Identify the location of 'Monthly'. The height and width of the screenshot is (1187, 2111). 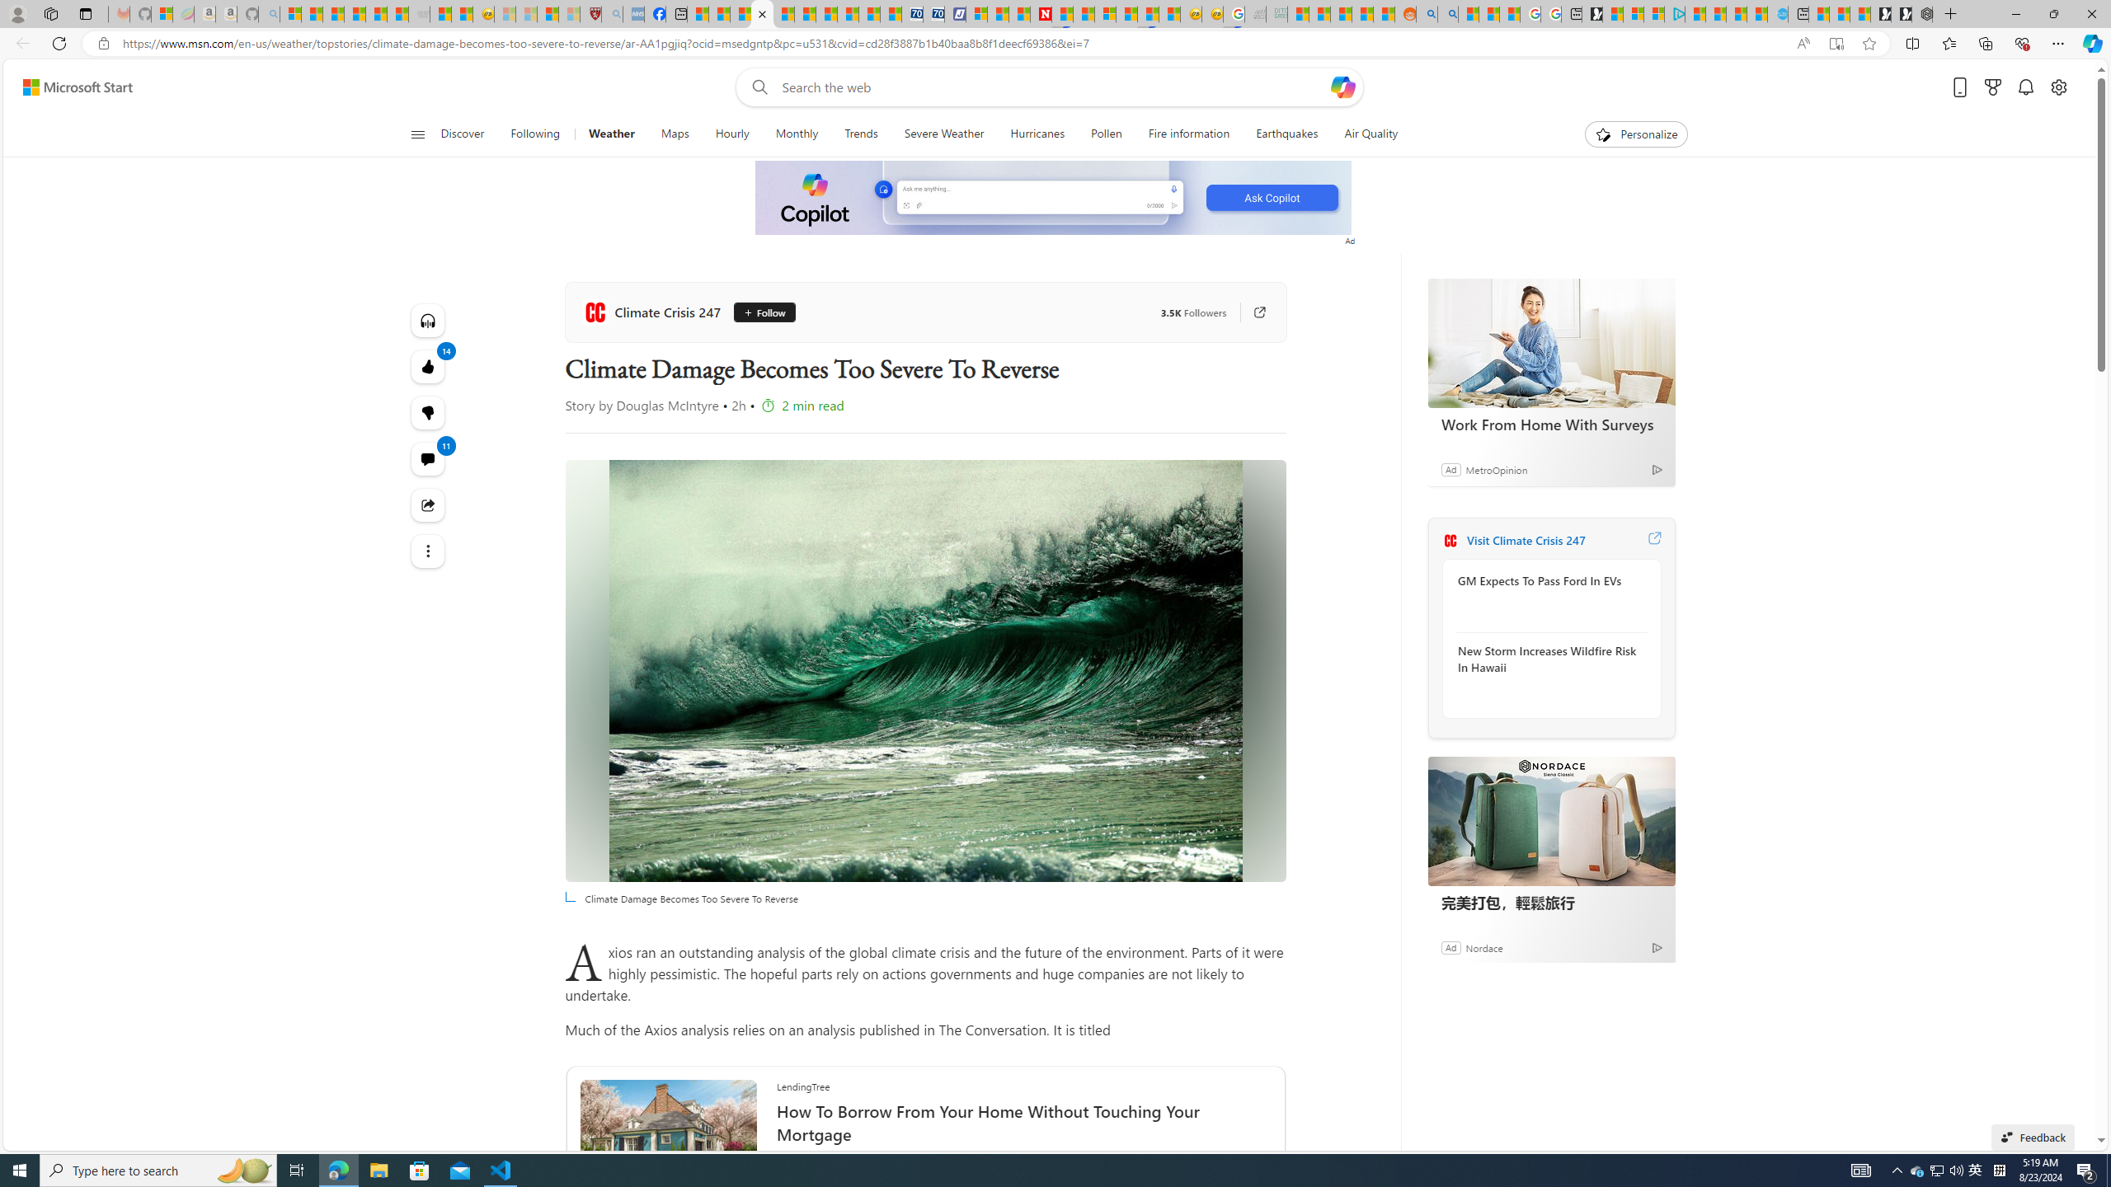
(797, 134).